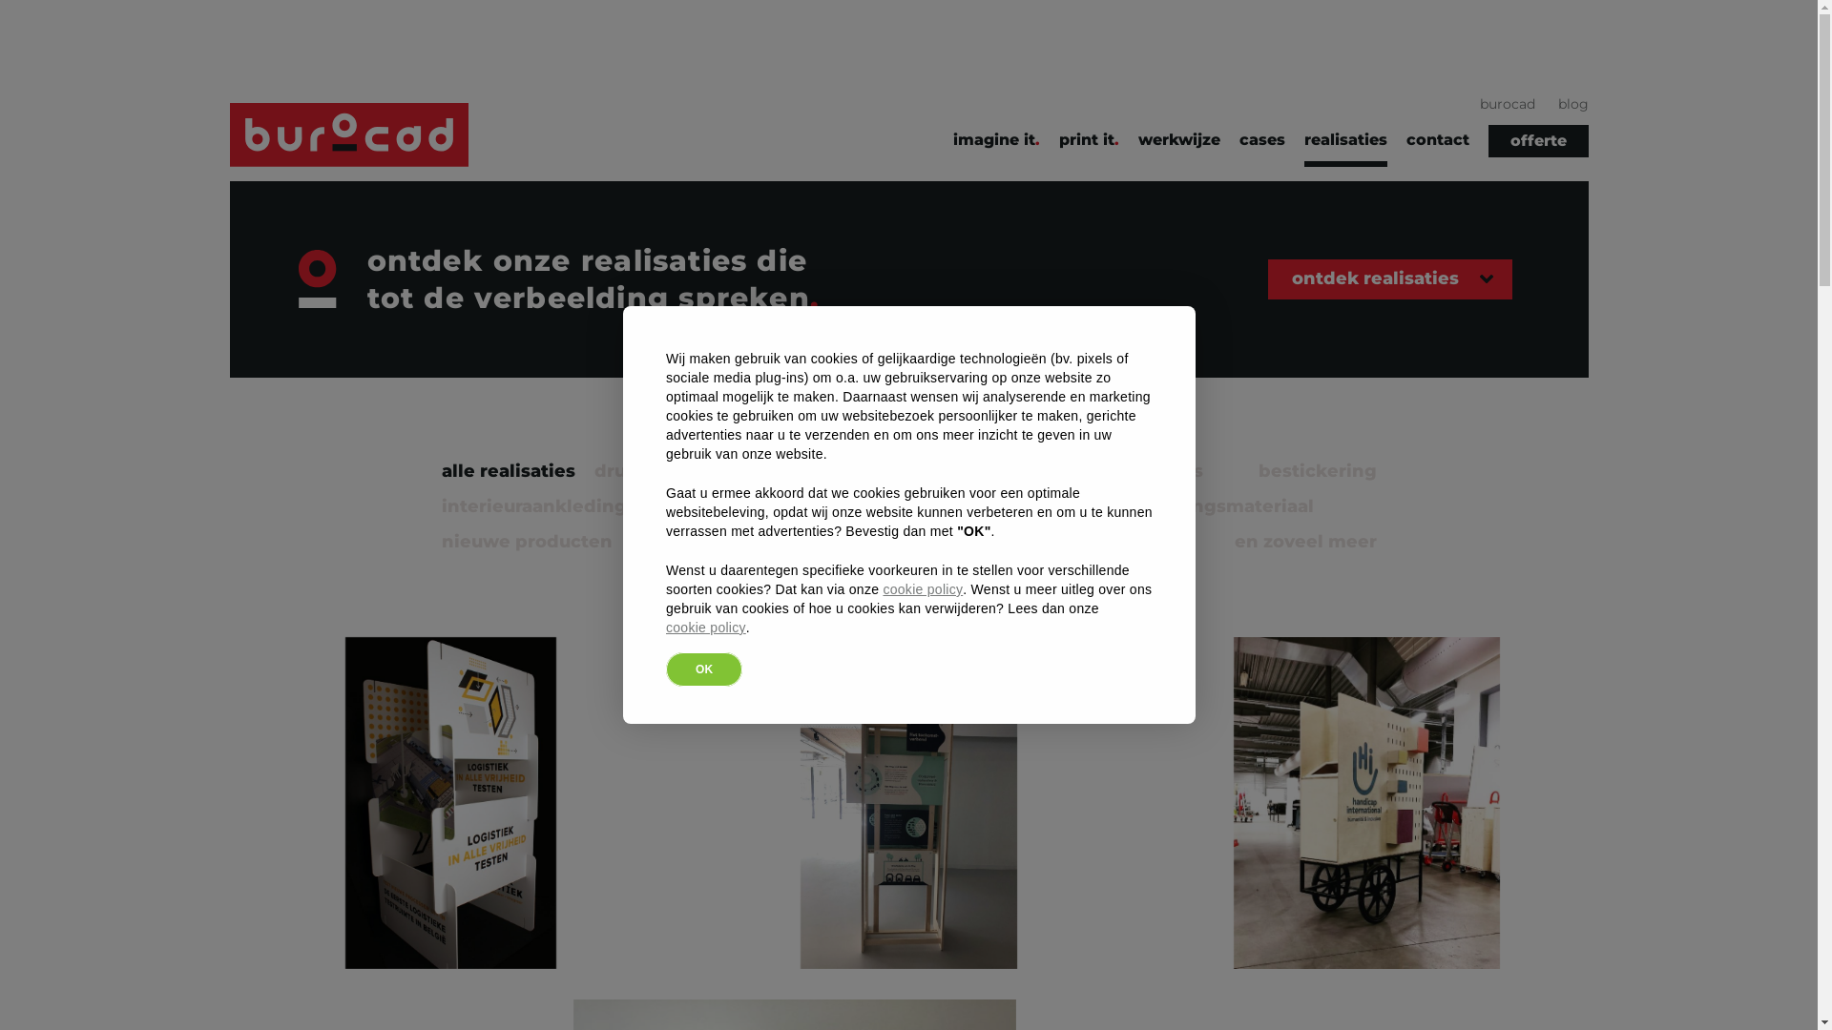 This screenshot has width=1832, height=1030. I want to click on 'print it', so click(1089, 145).